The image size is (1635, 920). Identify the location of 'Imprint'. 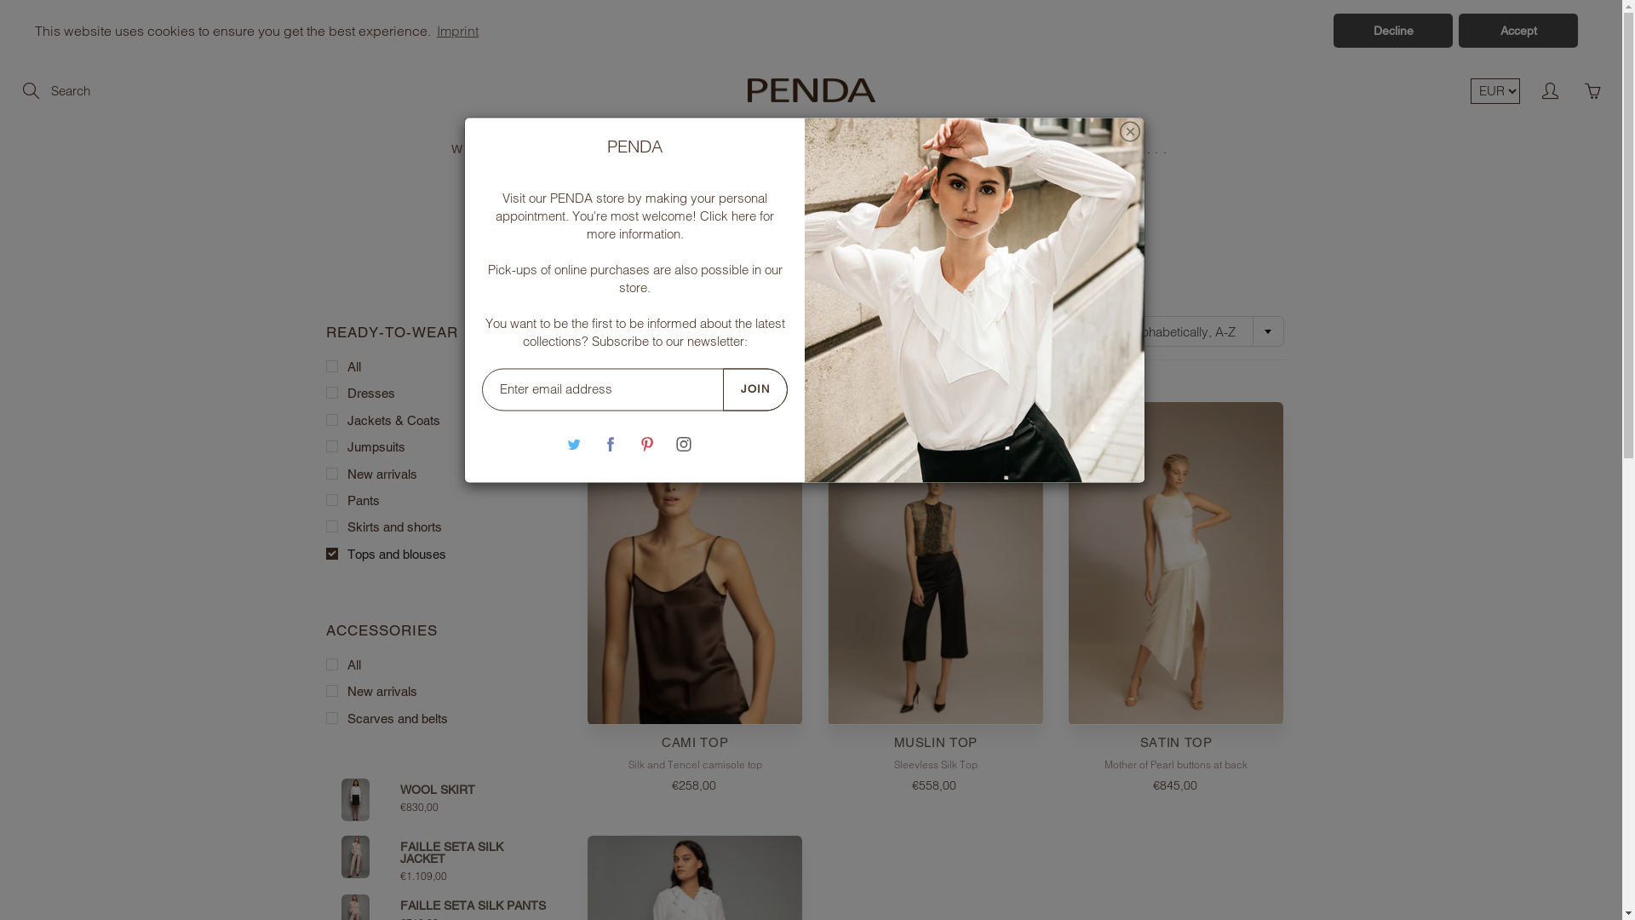
(457, 30).